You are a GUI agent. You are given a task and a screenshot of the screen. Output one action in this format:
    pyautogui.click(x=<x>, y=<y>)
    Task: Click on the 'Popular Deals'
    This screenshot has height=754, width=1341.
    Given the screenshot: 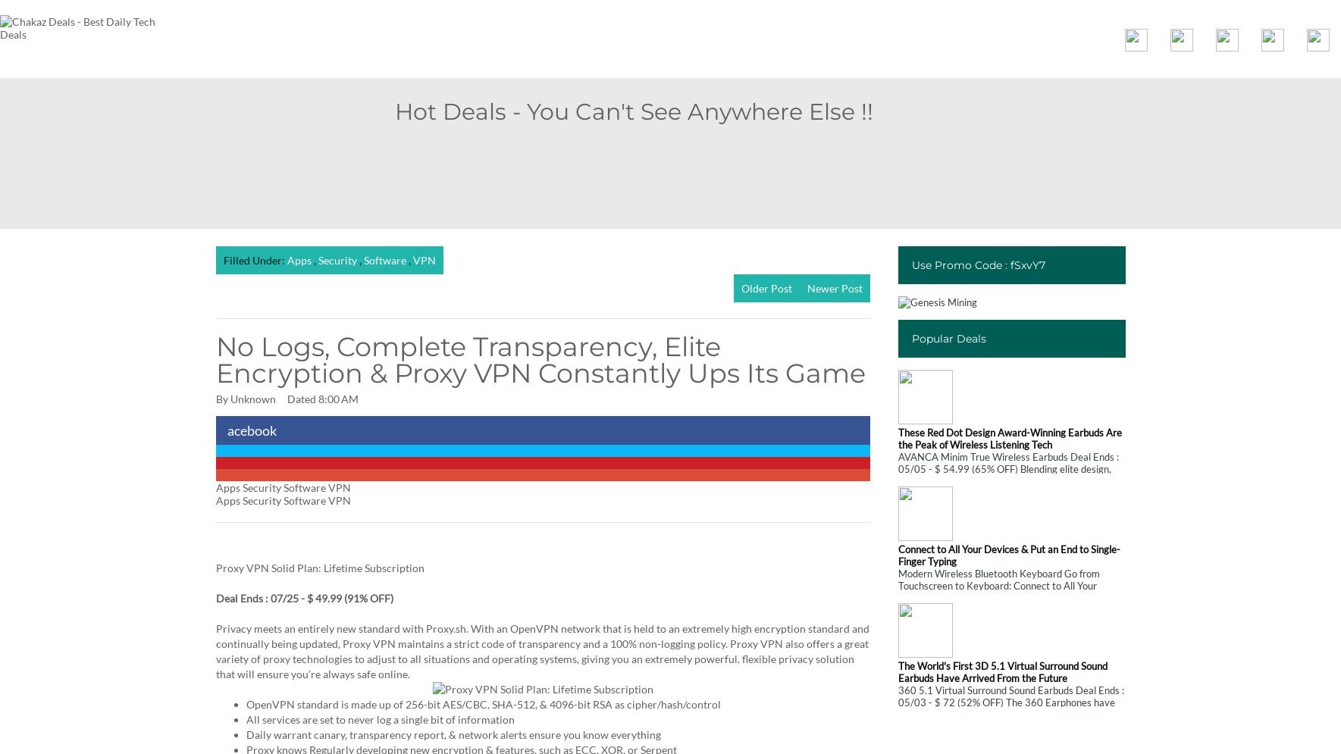 What is the action you would take?
    pyautogui.click(x=948, y=337)
    